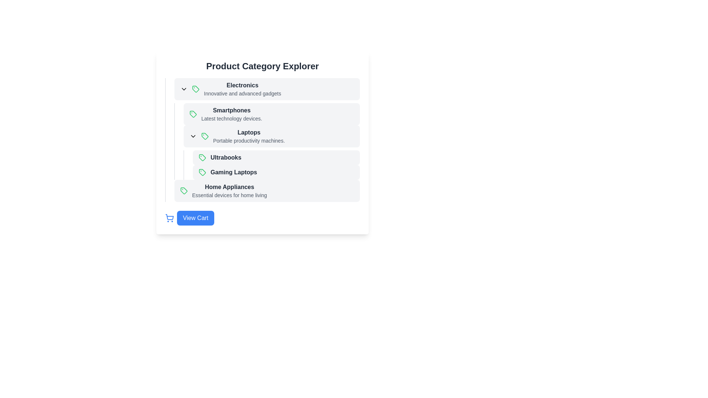 The width and height of the screenshot is (708, 398). I want to click on the icon indicating the 'Electronics' category, positioned between the expansion arrow and the text 'Electronics', so click(196, 89).